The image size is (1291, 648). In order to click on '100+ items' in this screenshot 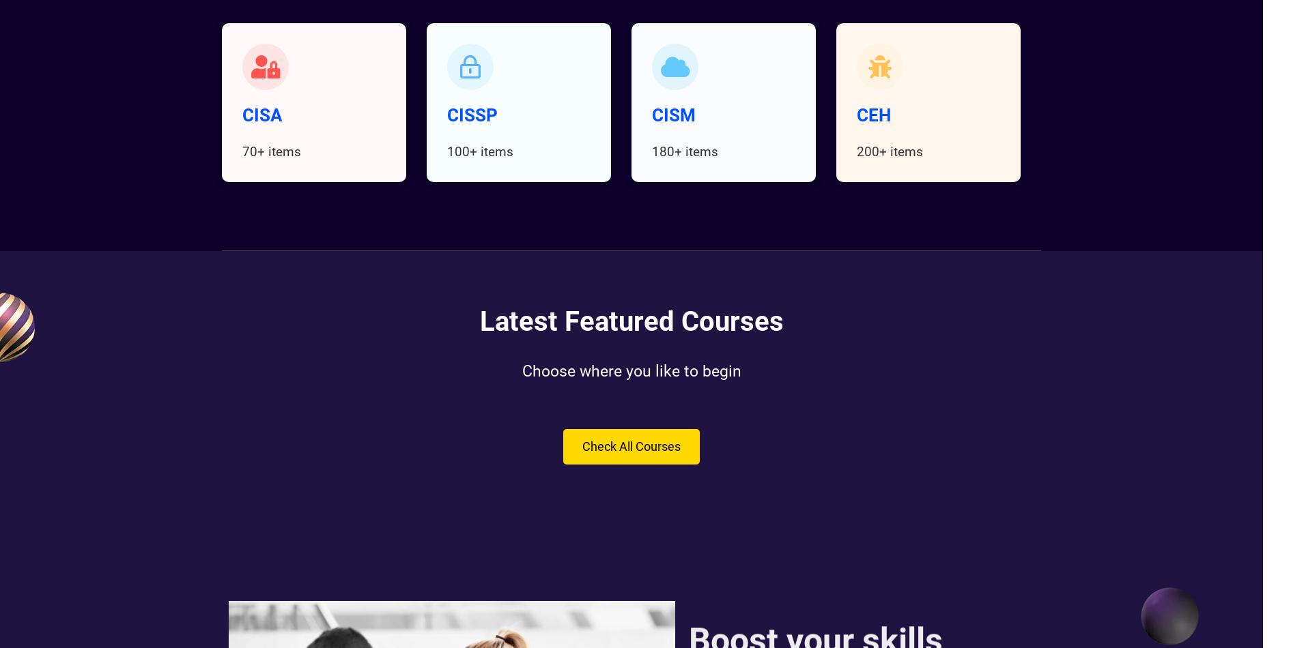, I will do `click(479, 151)`.